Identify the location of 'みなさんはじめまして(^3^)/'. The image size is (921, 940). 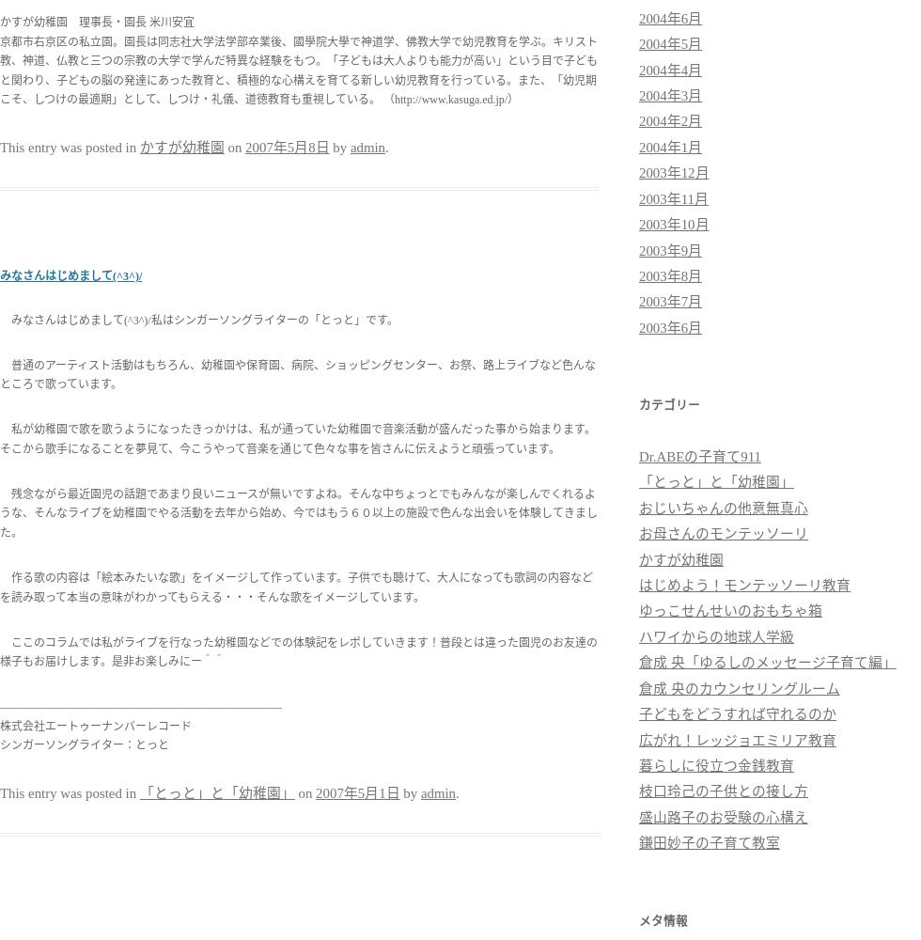
(0, 276).